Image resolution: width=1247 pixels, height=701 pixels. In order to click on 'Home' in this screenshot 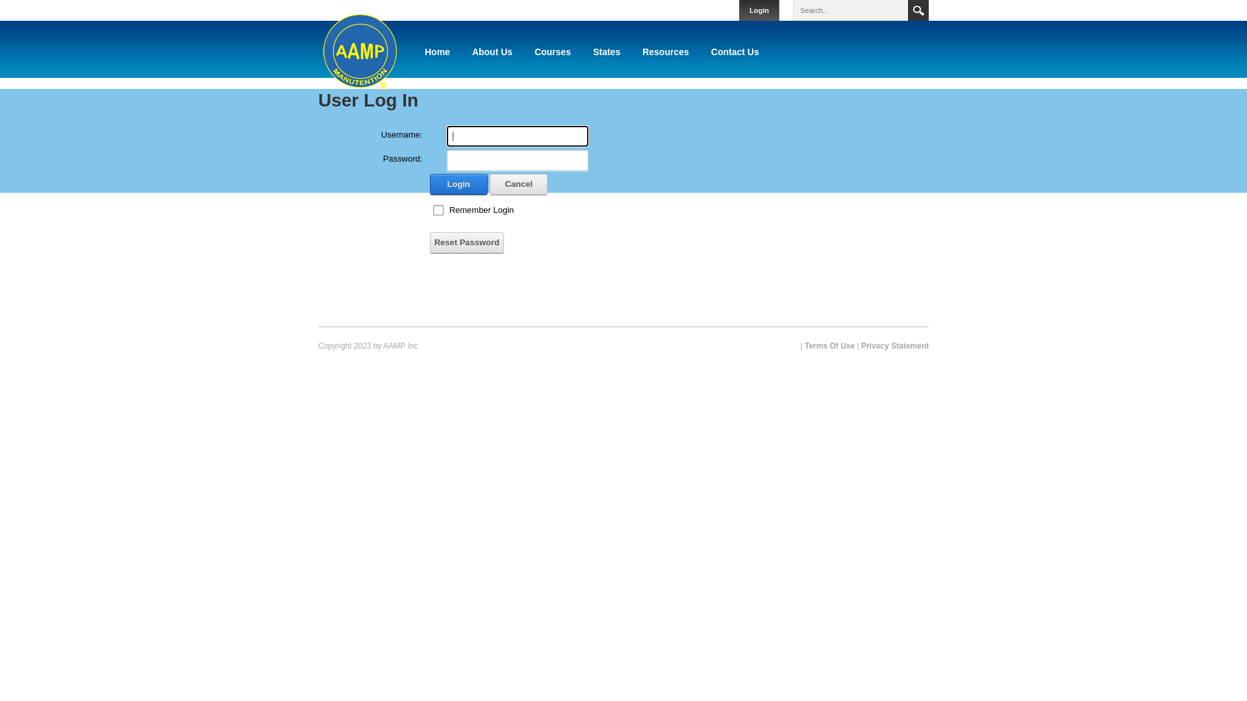, I will do `click(437, 51)`.